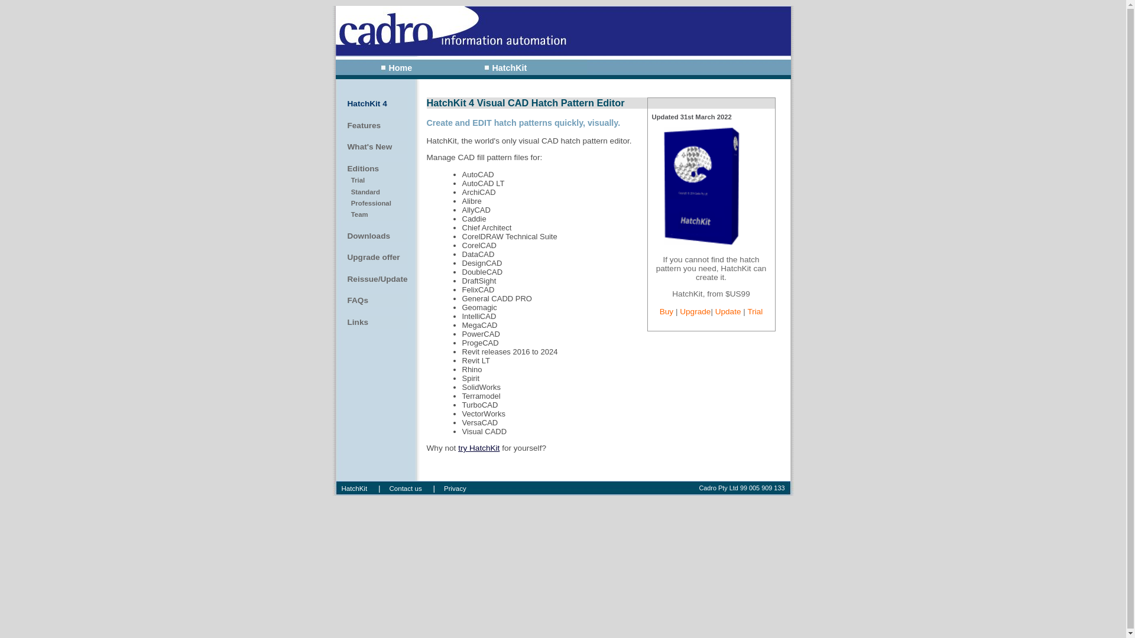 The width and height of the screenshot is (1135, 638). I want to click on 'HatchKit', so click(505, 68).